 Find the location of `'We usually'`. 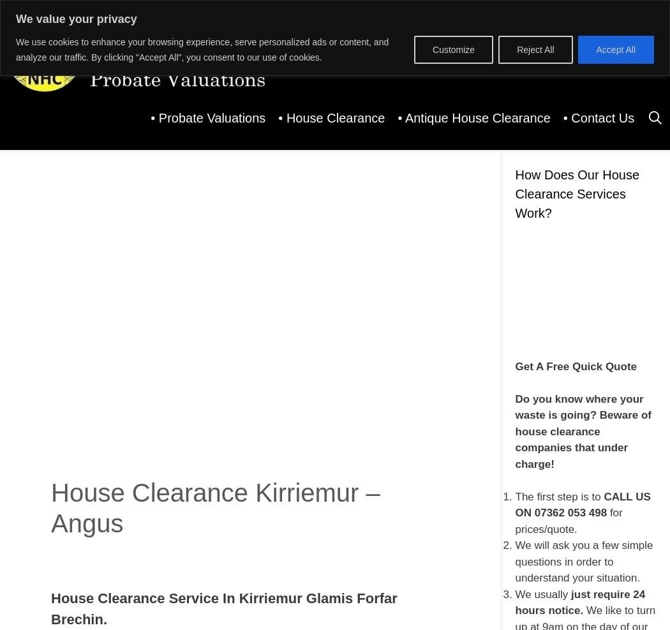

'We usually' is located at coordinates (543, 594).